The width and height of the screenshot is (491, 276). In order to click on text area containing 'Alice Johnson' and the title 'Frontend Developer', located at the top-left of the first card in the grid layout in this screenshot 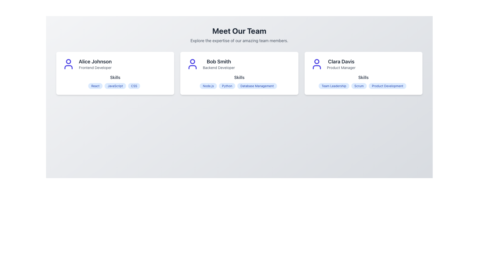, I will do `click(115, 64)`.